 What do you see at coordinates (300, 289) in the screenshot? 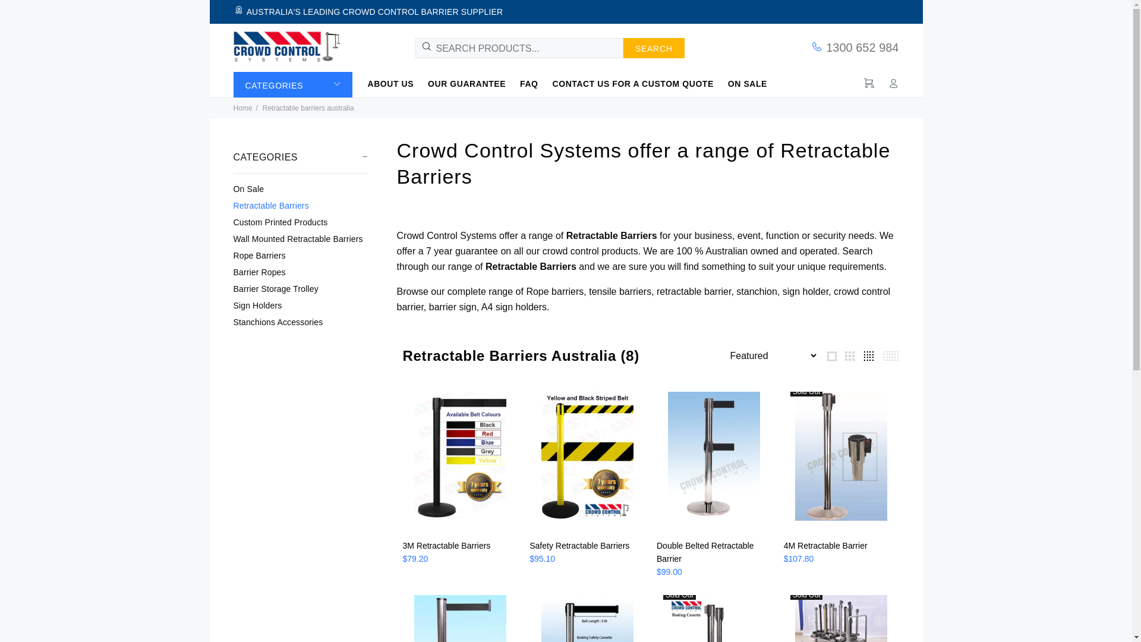
I see `'Barrier Storage Trolley'` at bounding box center [300, 289].